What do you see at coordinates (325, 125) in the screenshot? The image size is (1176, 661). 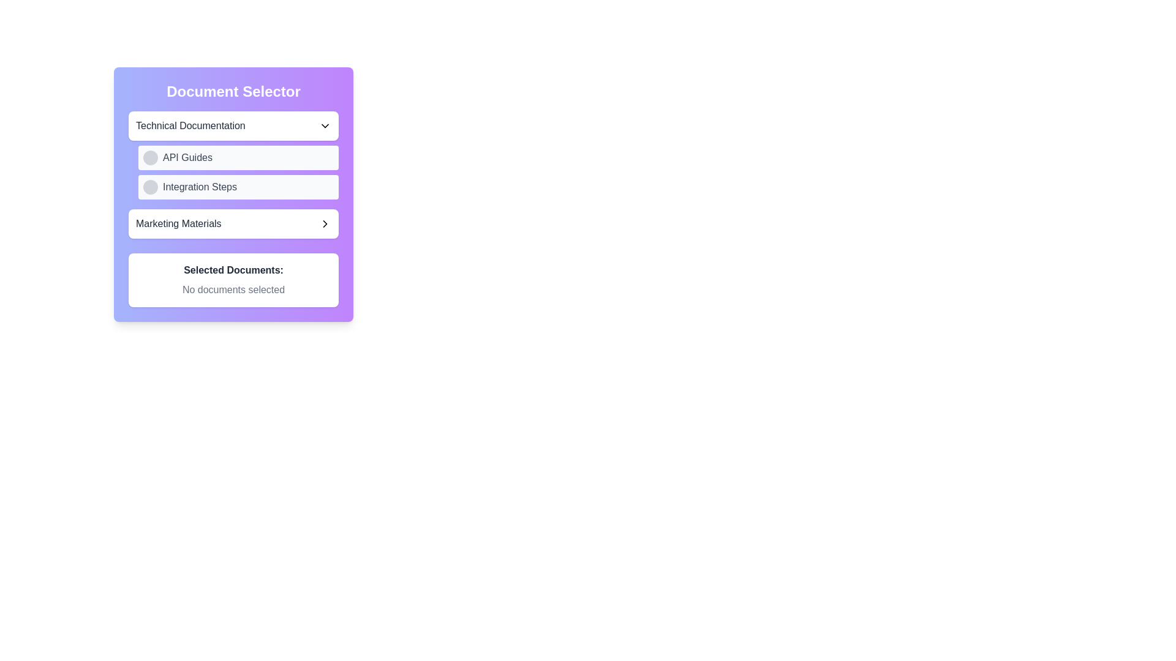 I see `the chevron-down icon in the 'Technical Documentation' section` at bounding box center [325, 125].